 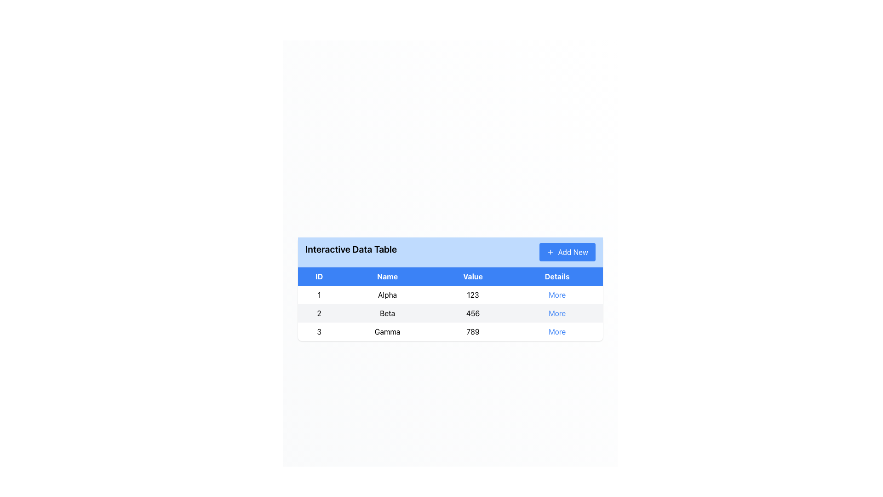 What do you see at coordinates (450, 312) in the screenshot?
I see `the second row of the interactive data table that contains columns for ID, Name, Value, and Details` at bounding box center [450, 312].